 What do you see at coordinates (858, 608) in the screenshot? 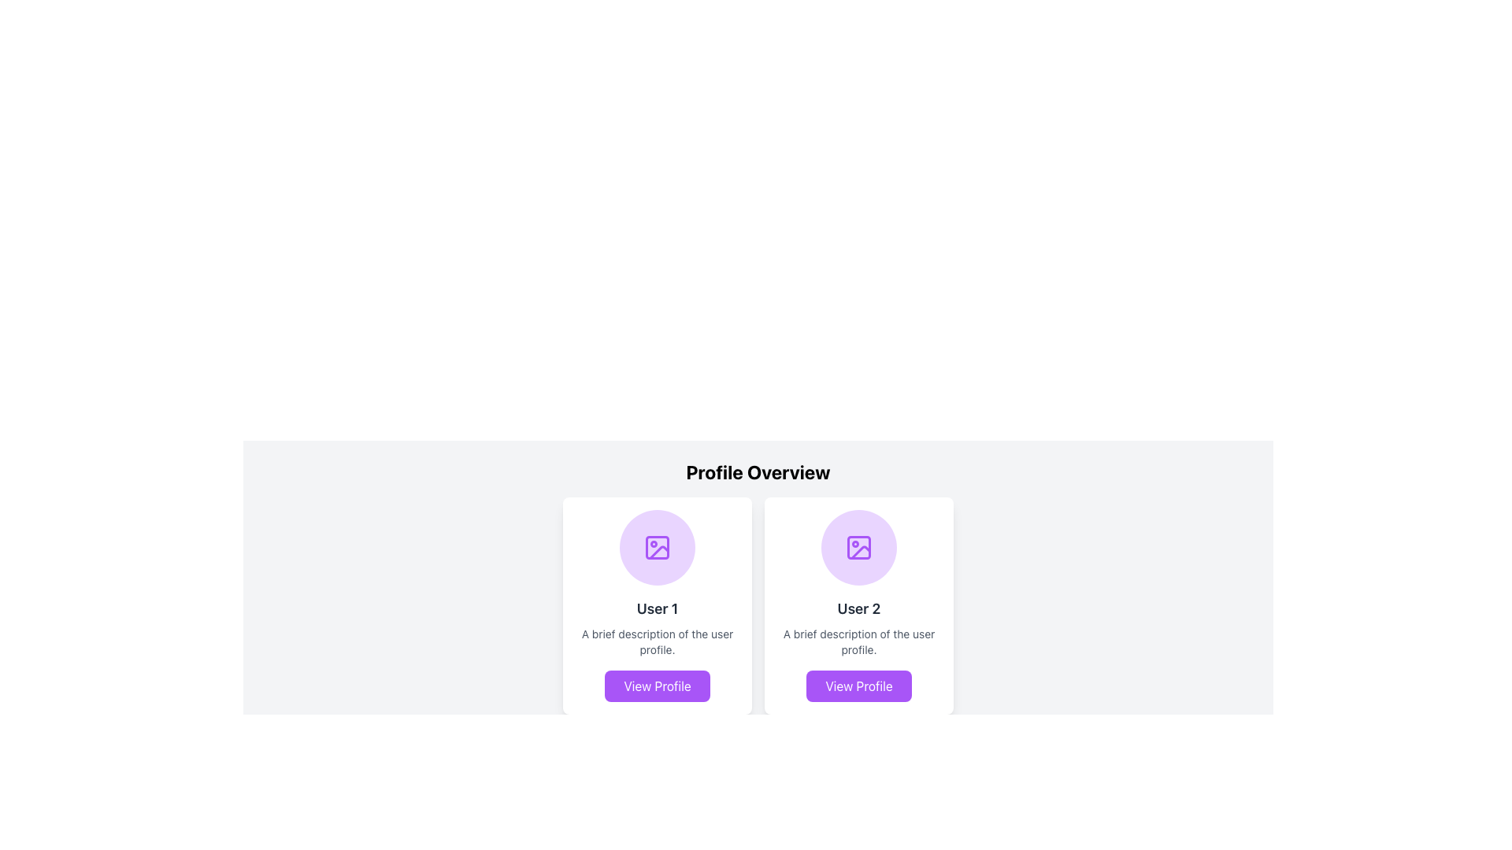
I see `the bold, dark gray text element reading 'User 2' which is centered in the right profile card, located beneath a purple circular icon and above description text` at bounding box center [858, 608].